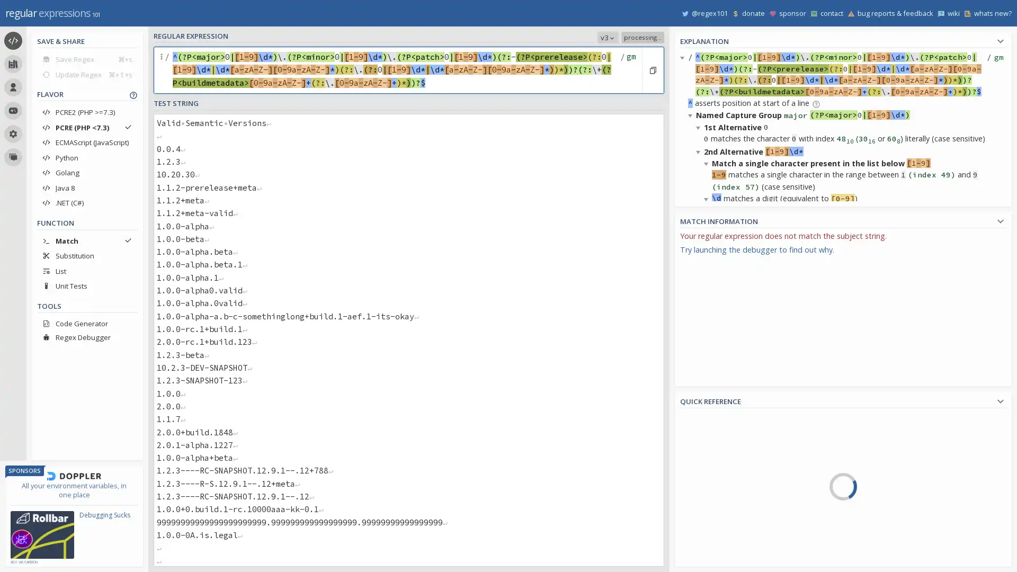 The image size is (1017, 572). Describe the element at coordinates (708, 462) in the screenshot. I see `Collapse Subtree` at that location.